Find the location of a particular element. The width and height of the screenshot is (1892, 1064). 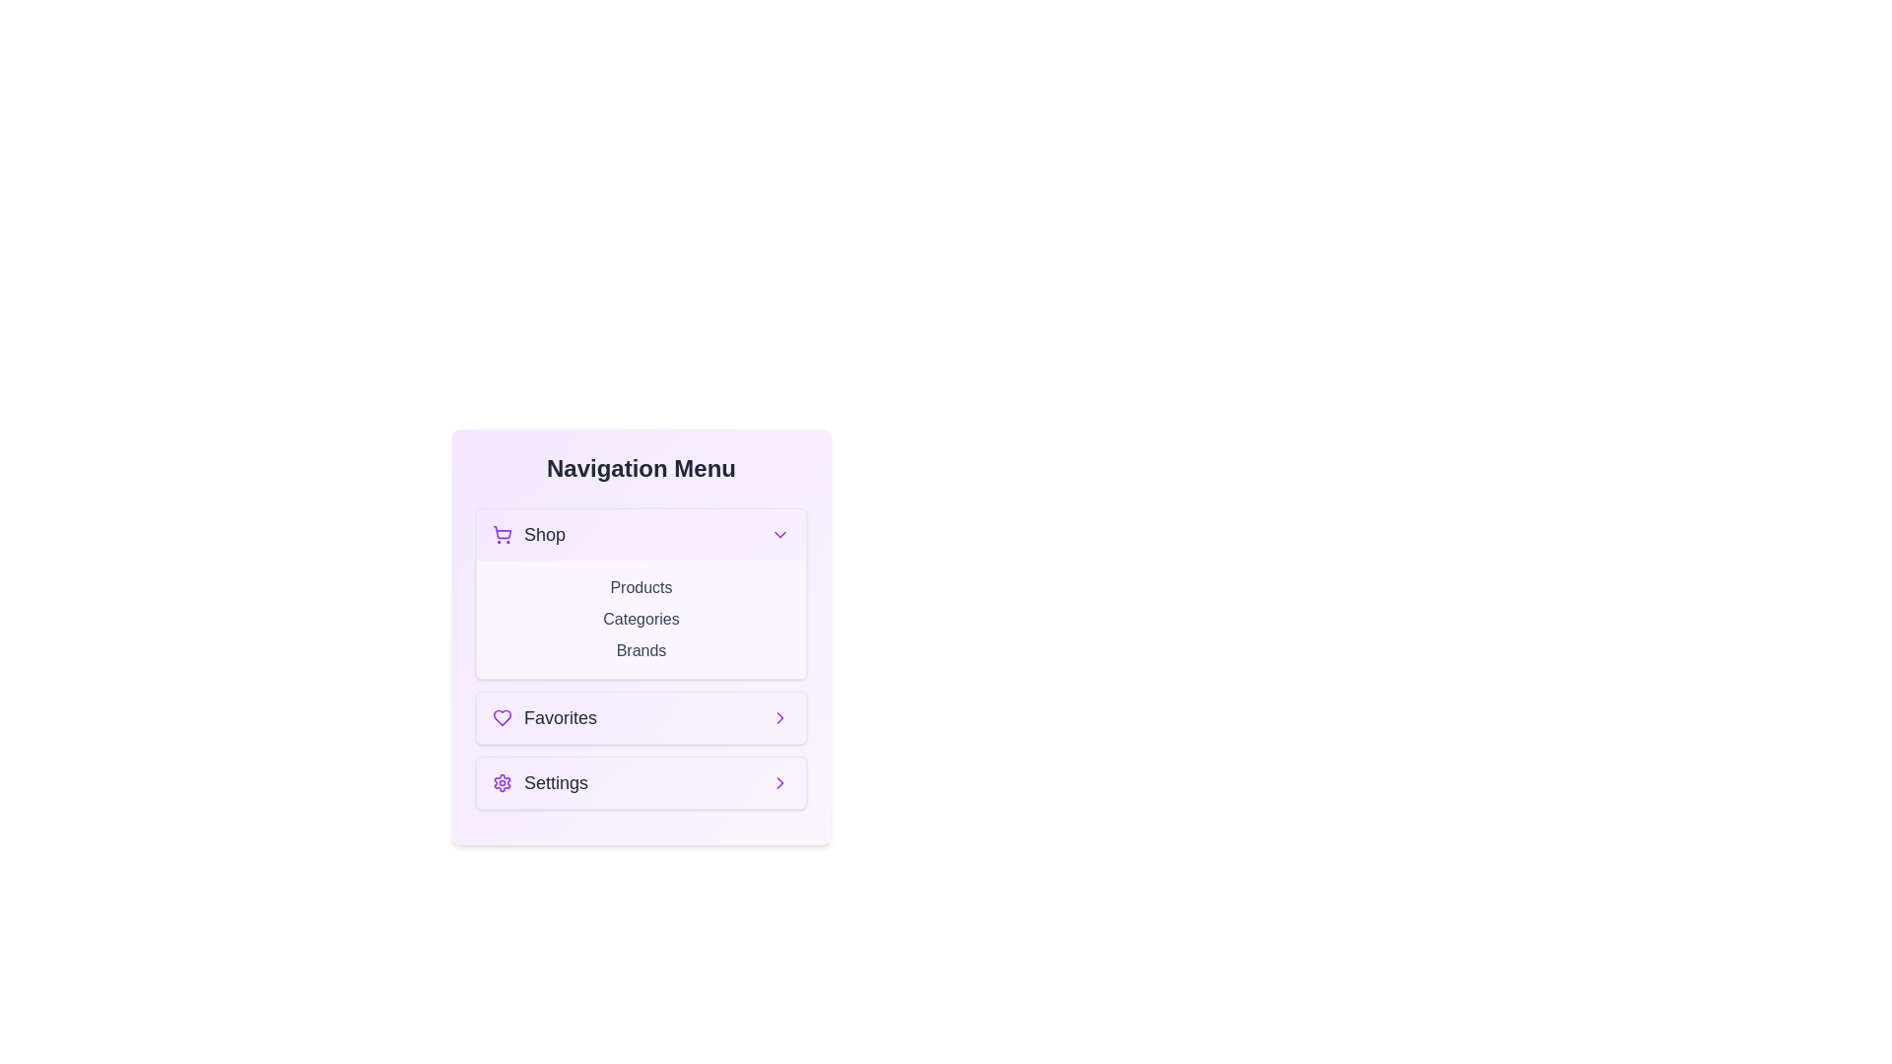

the purple shopping cart icon located next to the 'Shop' text in the navigation menu is located at coordinates (502, 535).